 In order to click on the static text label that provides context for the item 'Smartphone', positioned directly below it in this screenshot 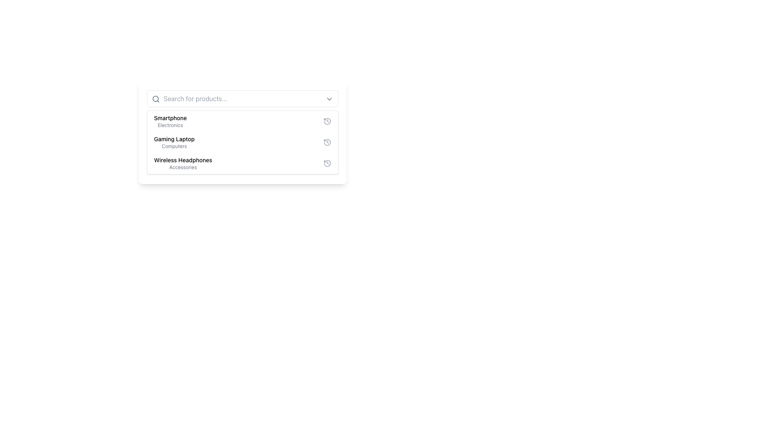, I will do `click(170, 125)`.